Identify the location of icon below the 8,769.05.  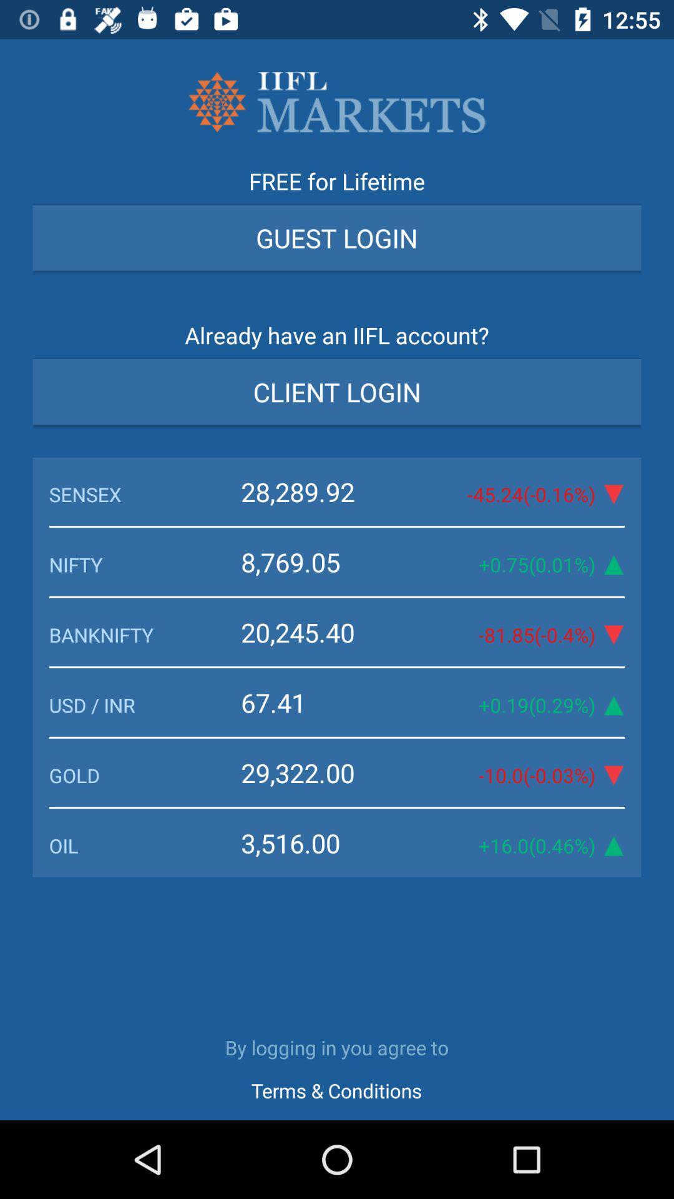
(326, 632).